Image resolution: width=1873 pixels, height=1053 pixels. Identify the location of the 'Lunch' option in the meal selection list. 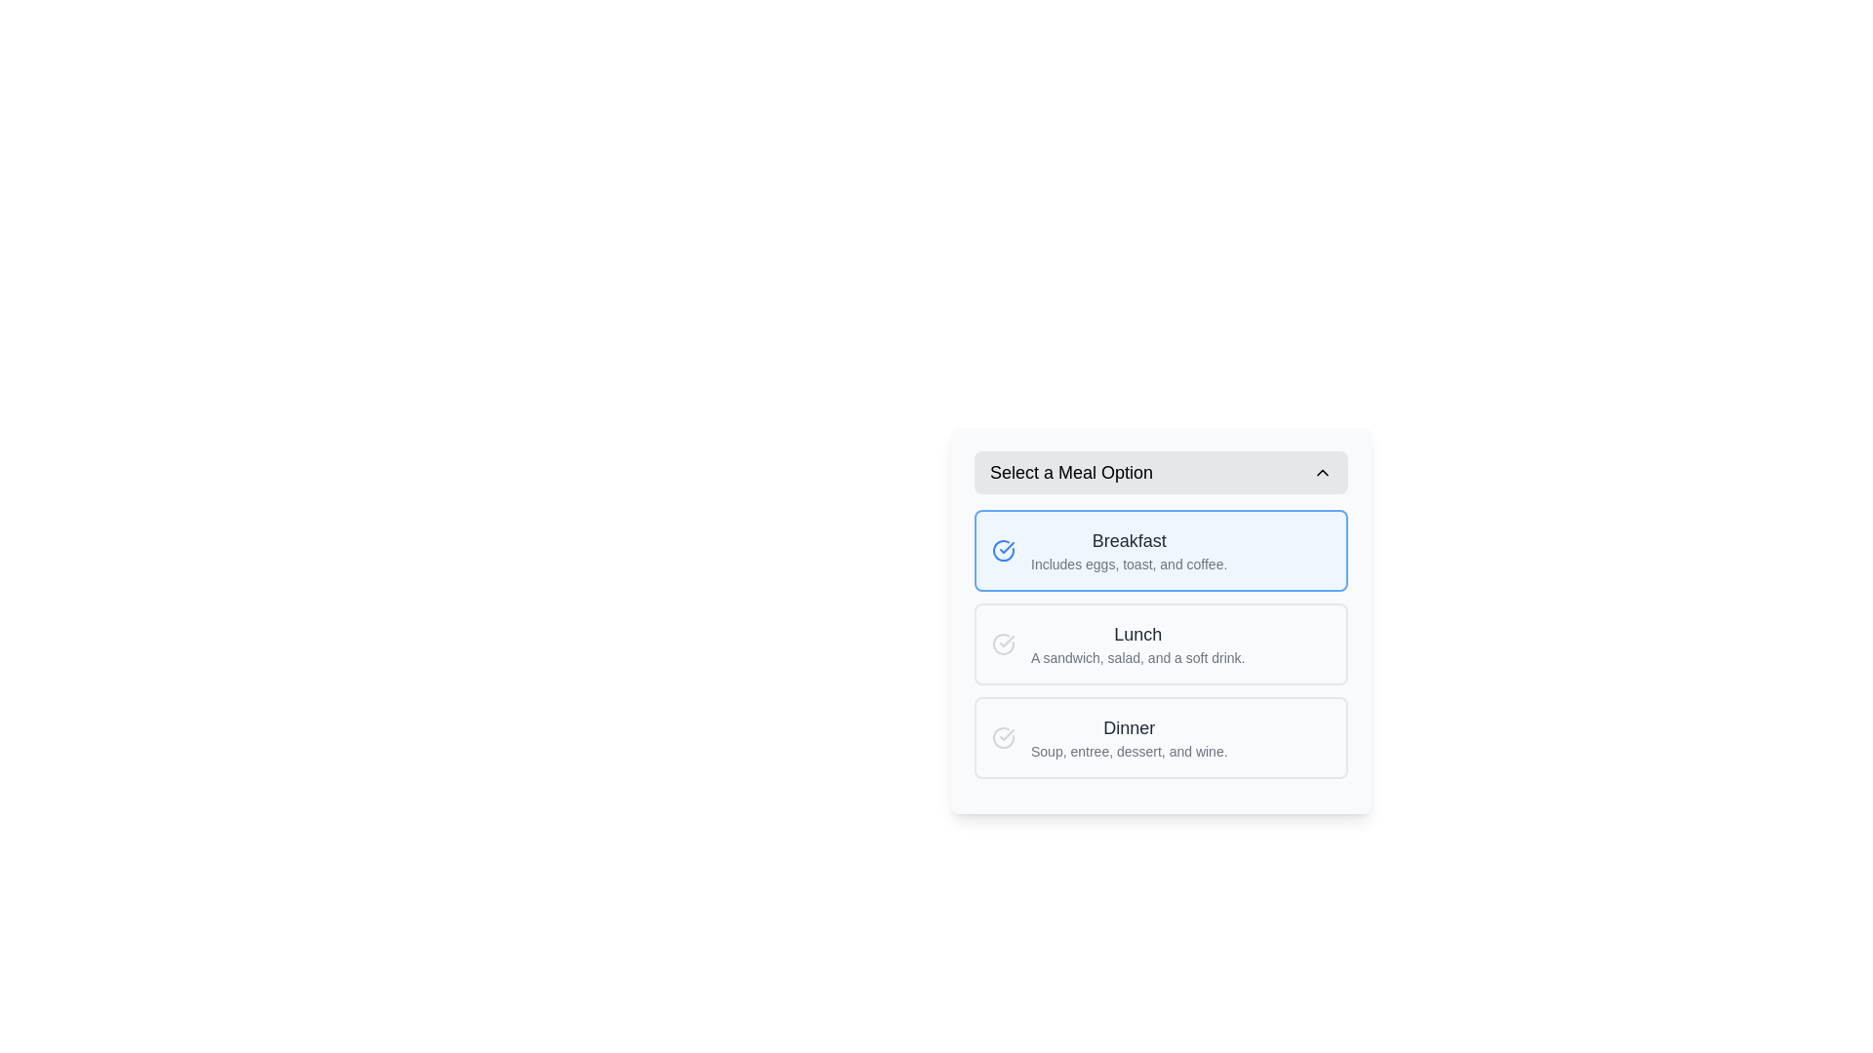
(1161, 643).